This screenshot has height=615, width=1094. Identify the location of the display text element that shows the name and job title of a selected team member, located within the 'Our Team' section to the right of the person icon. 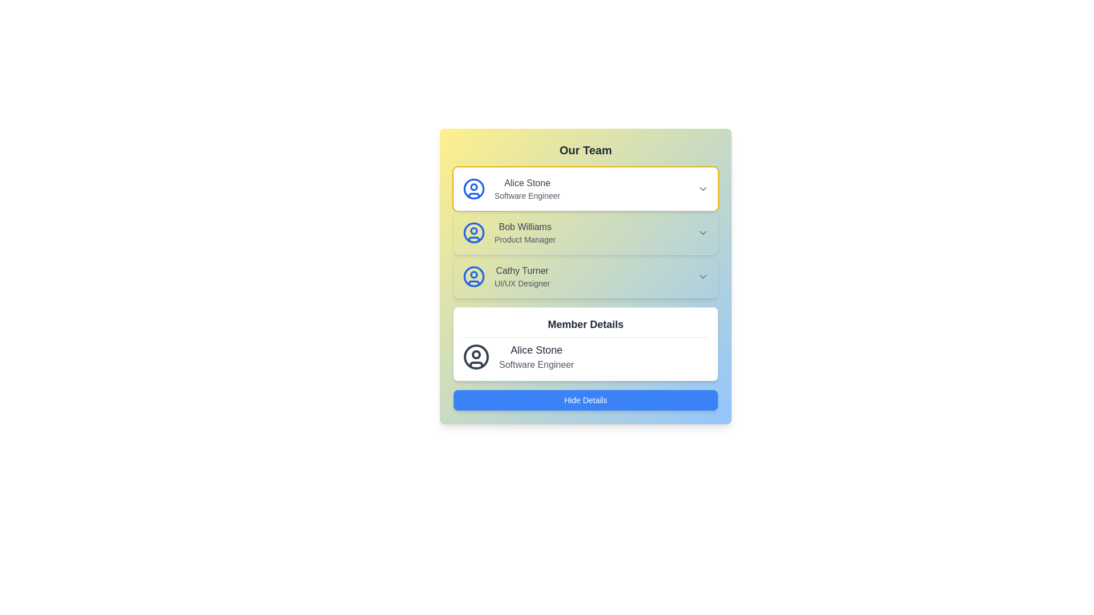
(526, 188).